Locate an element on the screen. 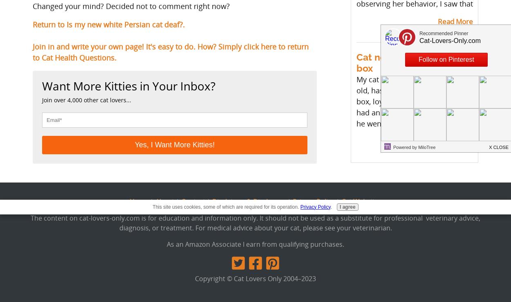  'Disclaimer & Disclosure' is located at coordinates (249, 201).